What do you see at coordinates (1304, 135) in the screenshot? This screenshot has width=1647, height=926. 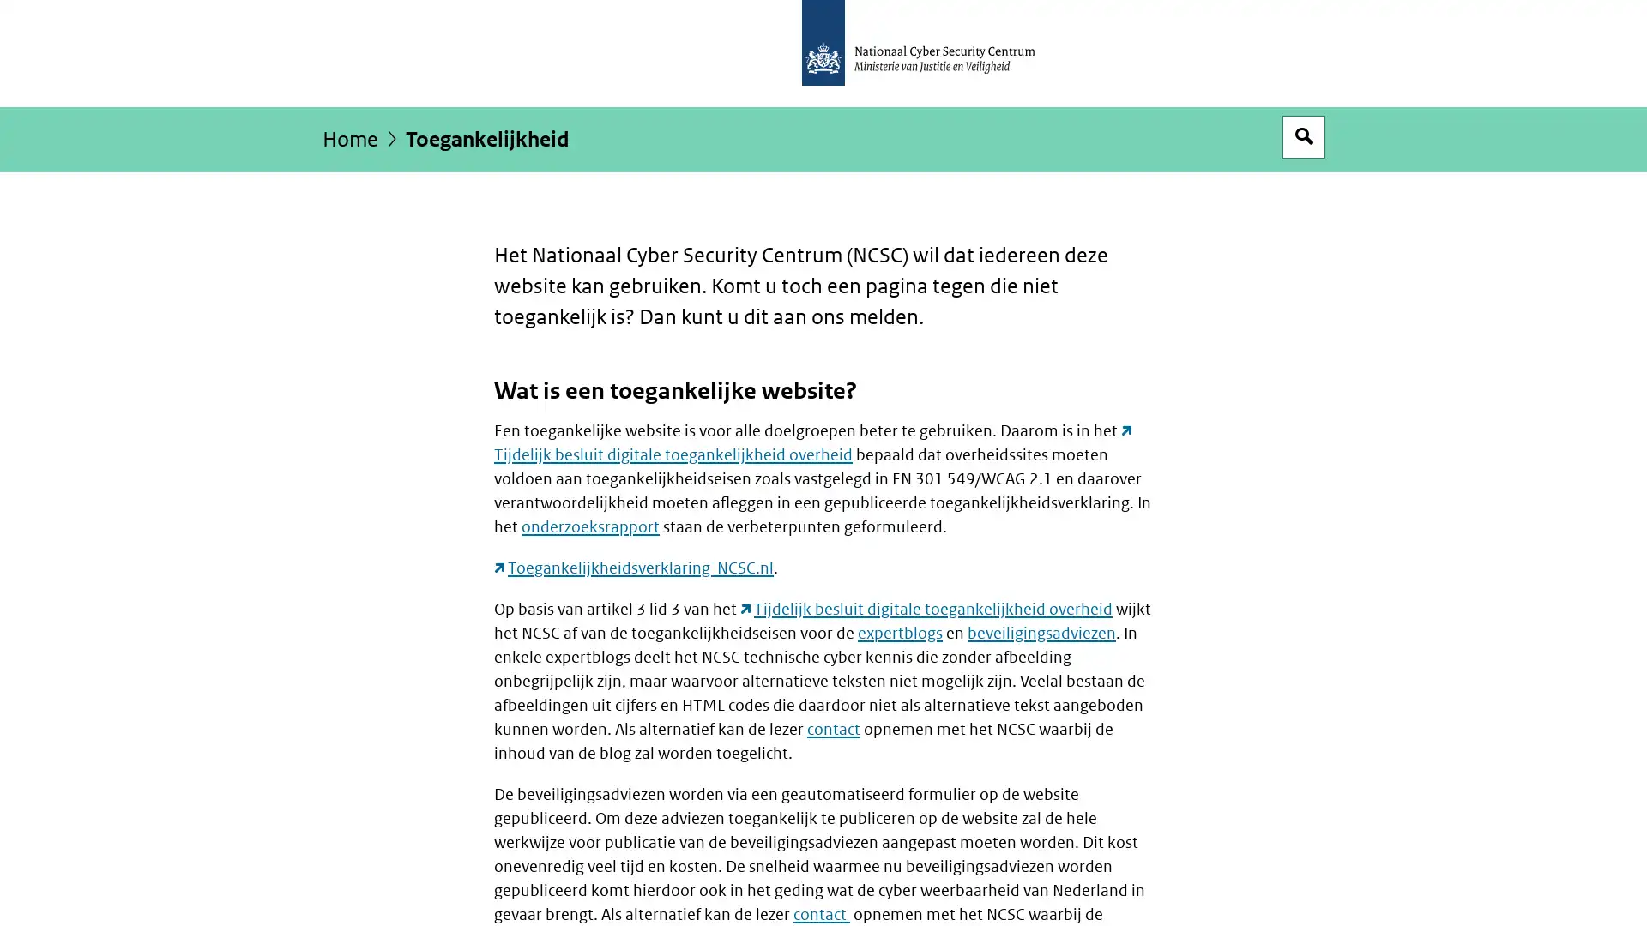 I see `Open zoekveld` at bounding box center [1304, 135].